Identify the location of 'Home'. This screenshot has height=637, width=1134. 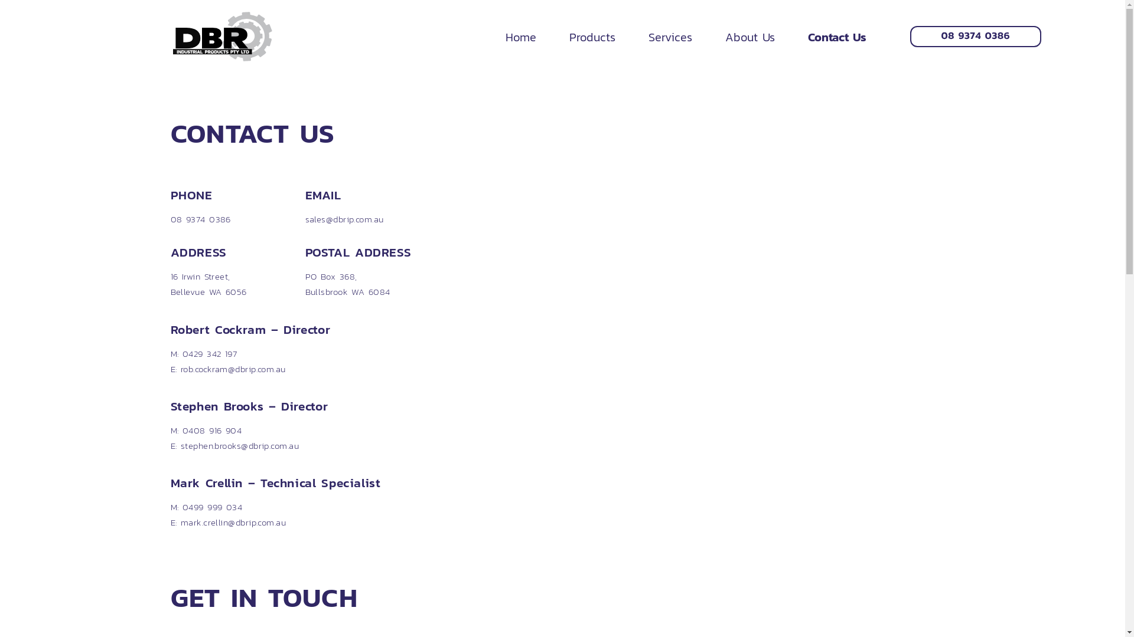
(520, 36).